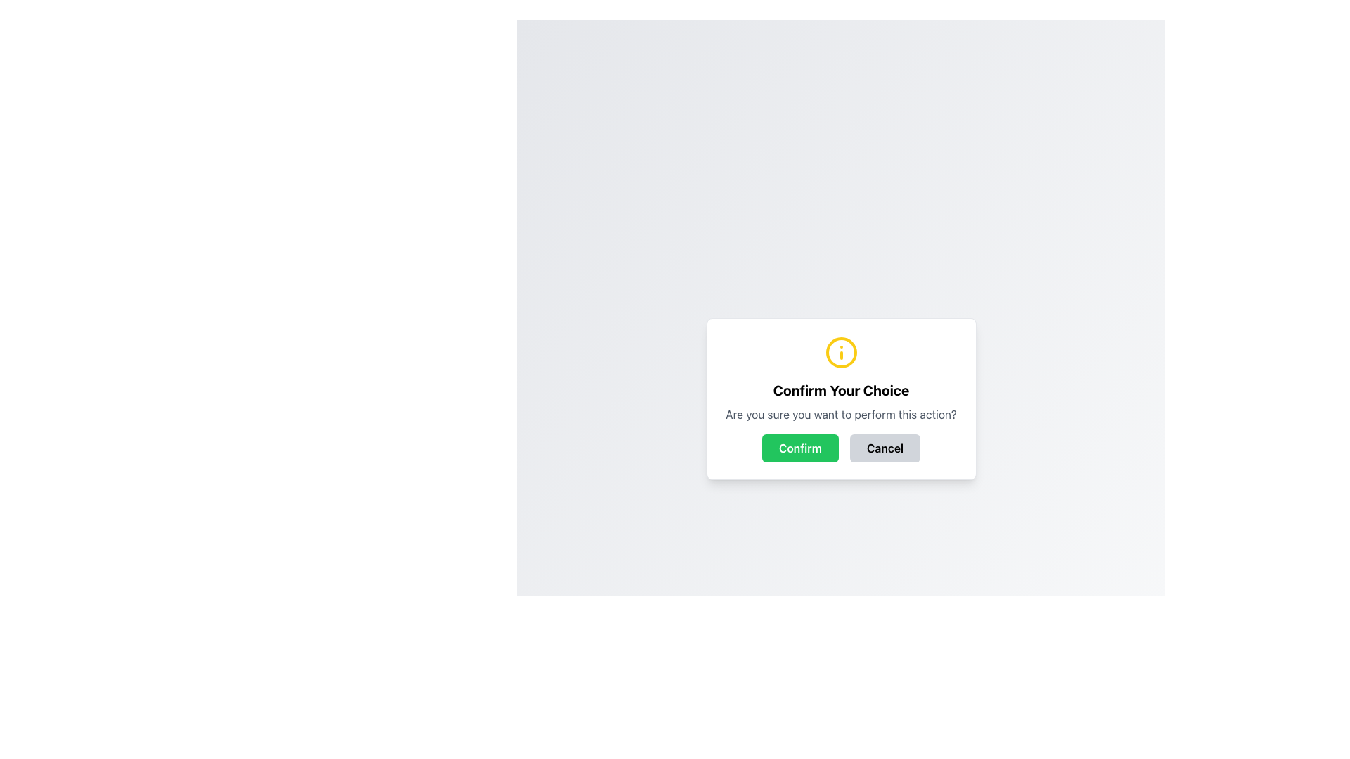  Describe the element at coordinates (841, 448) in the screenshot. I see `the button group element containing the green 'Confirm' button and the gray 'Cancel' button for visual feedback` at that location.